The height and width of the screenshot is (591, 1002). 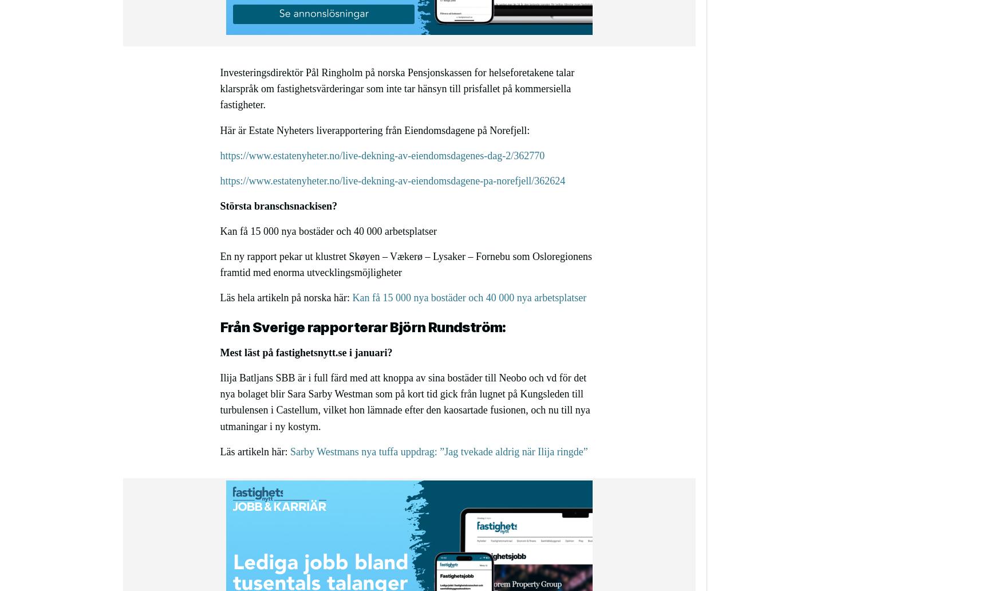 What do you see at coordinates (286, 298) in the screenshot?
I see `'Läs hela artikeln på norska här:'` at bounding box center [286, 298].